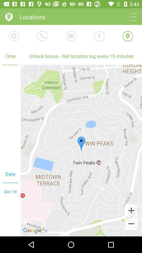  I want to click on the icon beside the call icon, so click(14, 36).